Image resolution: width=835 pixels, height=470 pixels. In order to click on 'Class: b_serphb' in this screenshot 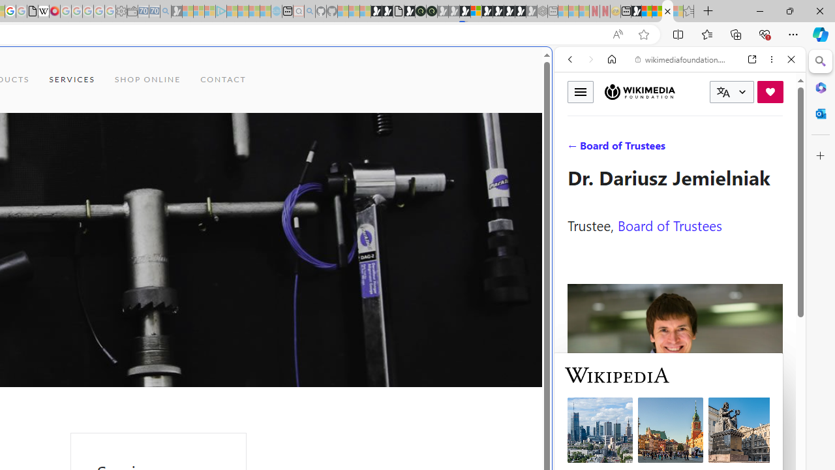, I will do `click(776, 149)`.